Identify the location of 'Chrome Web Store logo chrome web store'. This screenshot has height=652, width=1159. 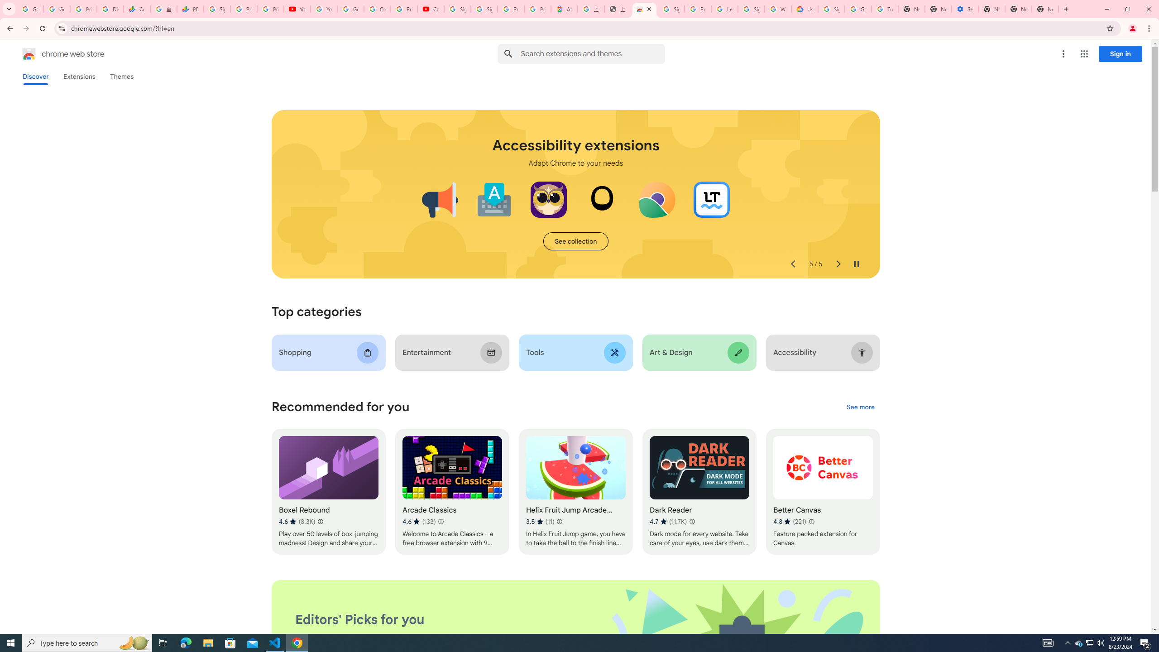
(53, 53).